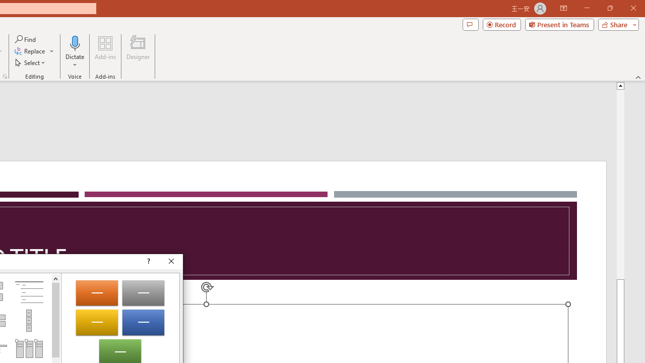 This screenshot has width=645, height=363. Describe the element at coordinates (138, 52) in the screenshot. I see `'Designer'` at that location.